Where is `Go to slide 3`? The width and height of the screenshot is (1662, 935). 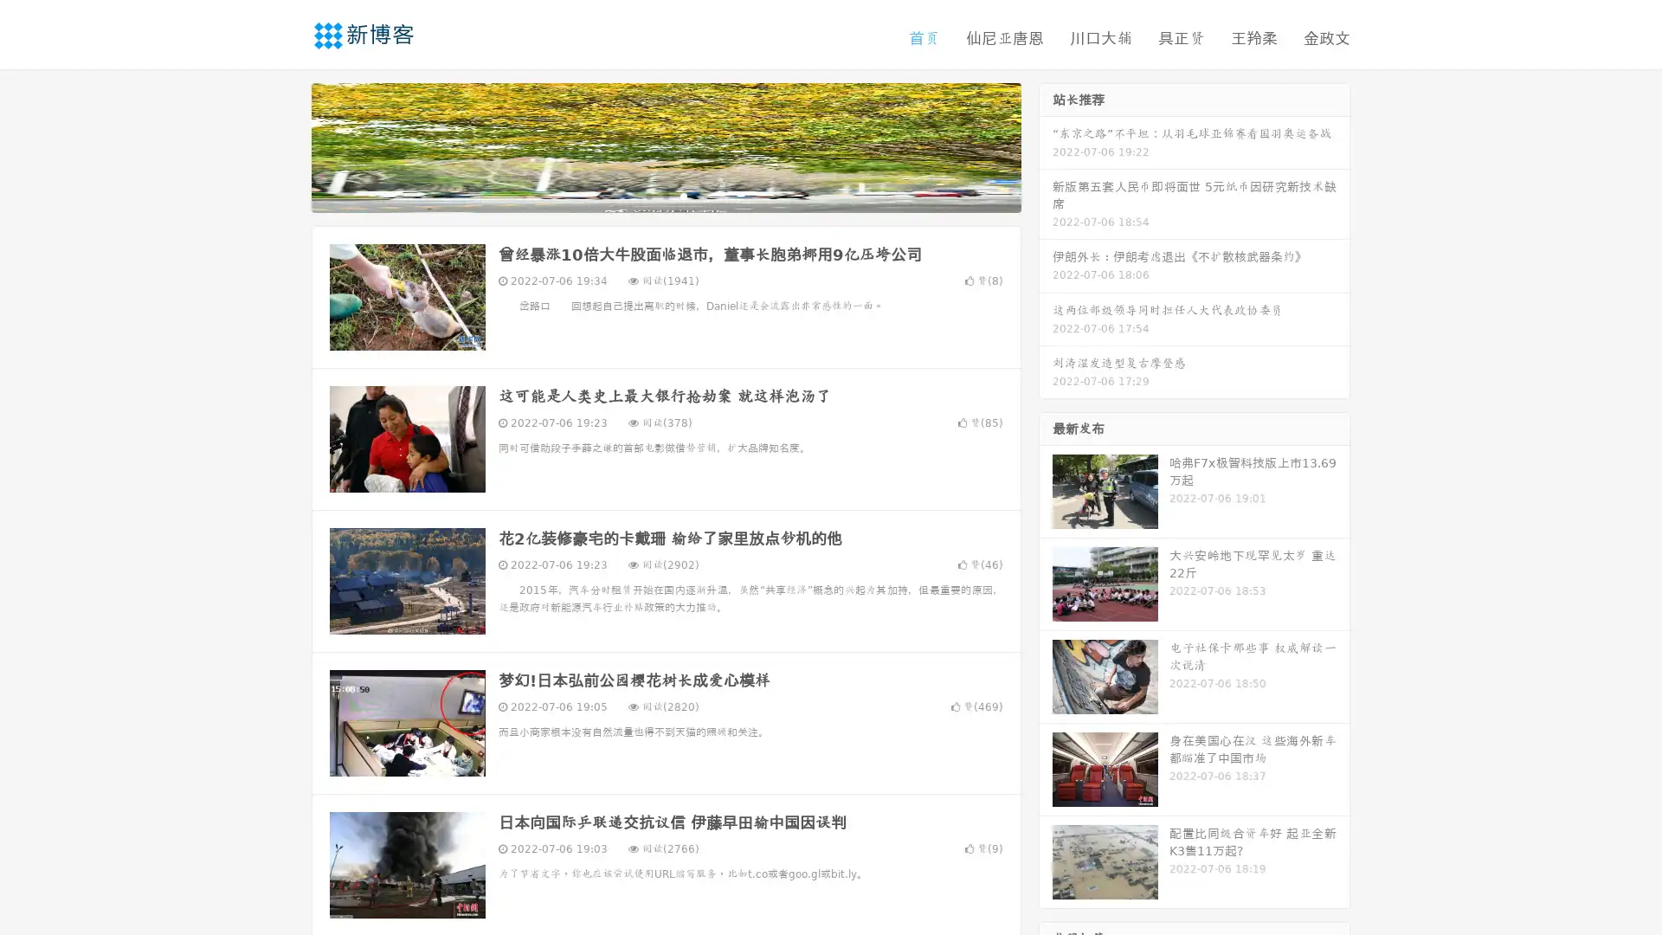
Go to slide 3 is located at coordinates (683, 195).